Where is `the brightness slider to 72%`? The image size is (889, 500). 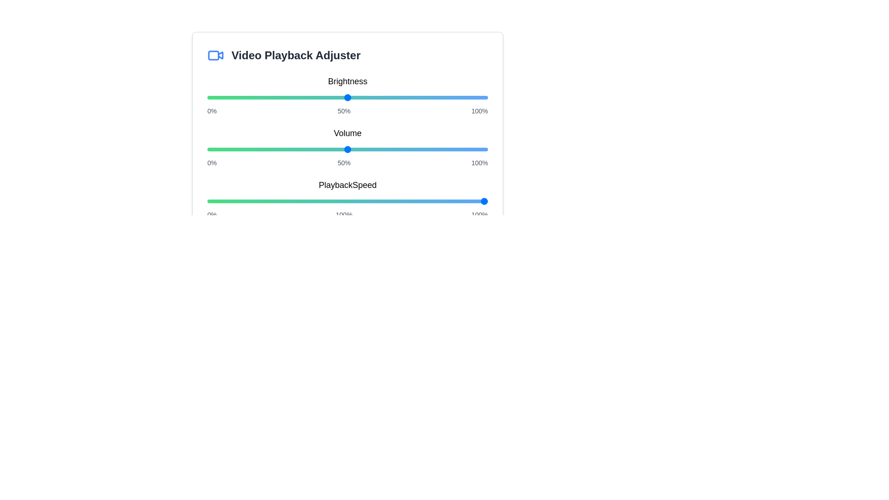 the brightness slider to 72% is located at coordinates (409, 98).